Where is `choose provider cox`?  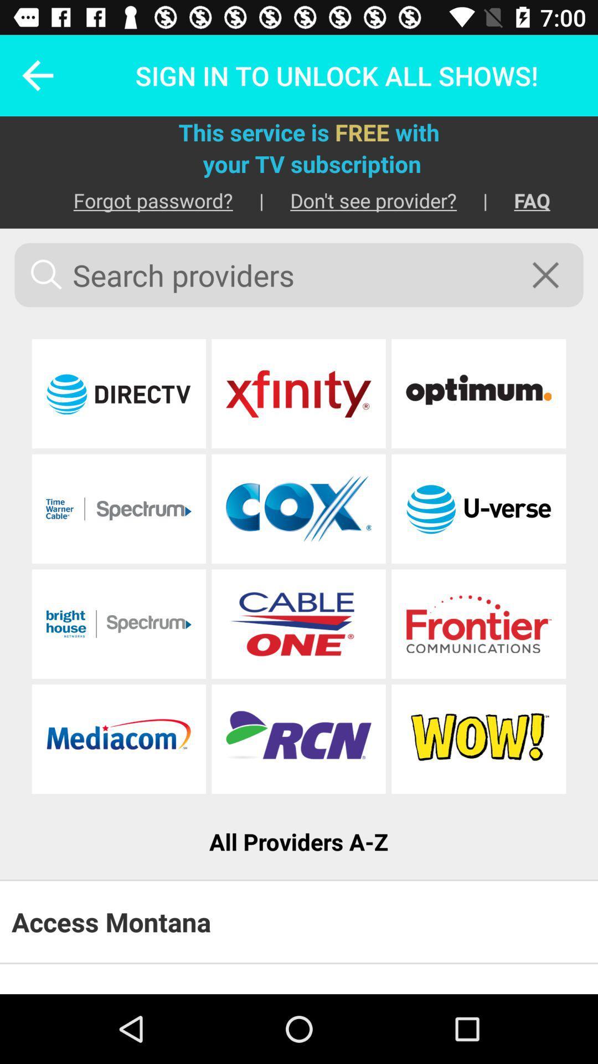
choose provider cox is located at coordinates (298, 508).